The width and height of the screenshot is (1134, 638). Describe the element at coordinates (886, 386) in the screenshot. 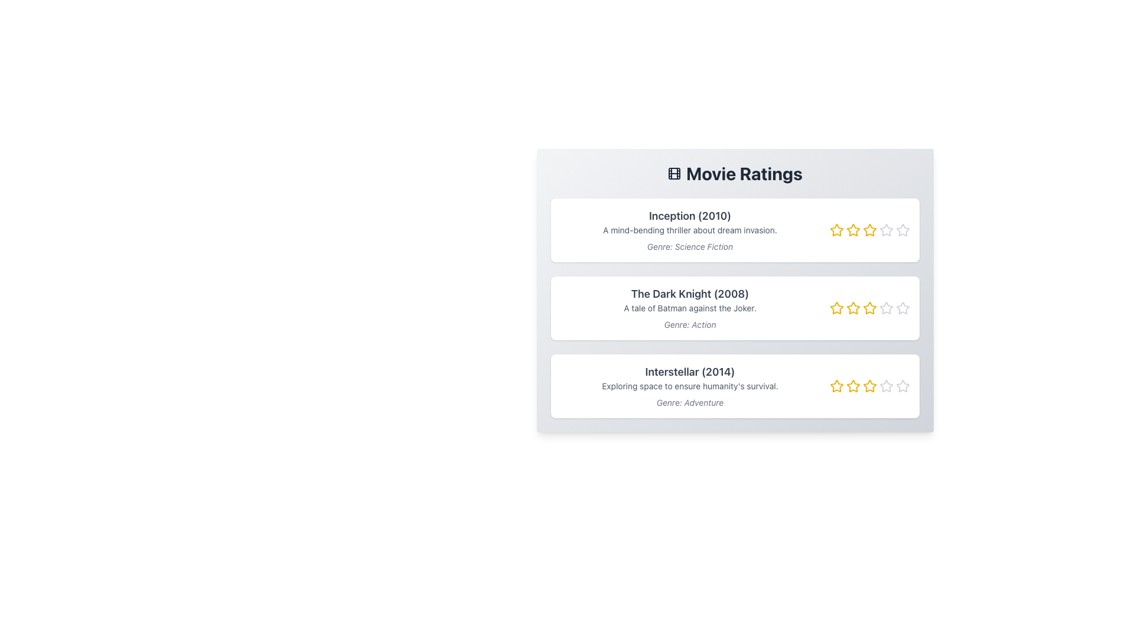

I see `the fifth star icon in the rating row of the 'Interstellar (2014)' movie card to rate it` at that location.